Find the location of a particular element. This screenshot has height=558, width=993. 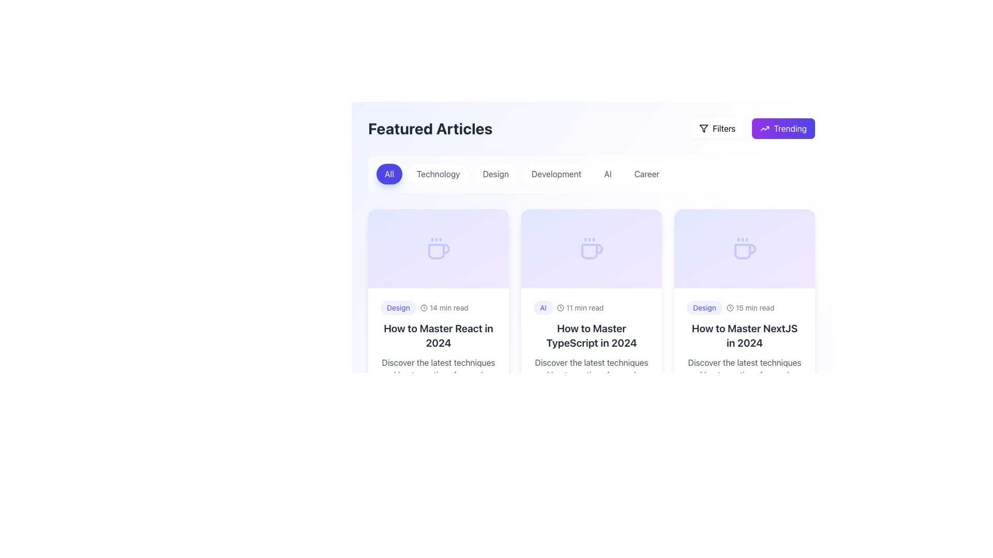

the 'AI' button, which is a small, rounded rectangle with a white background and gray text, positioned under the 'Featured Articles' heading as the fifth button from the left is located at coordinates (608, 173).